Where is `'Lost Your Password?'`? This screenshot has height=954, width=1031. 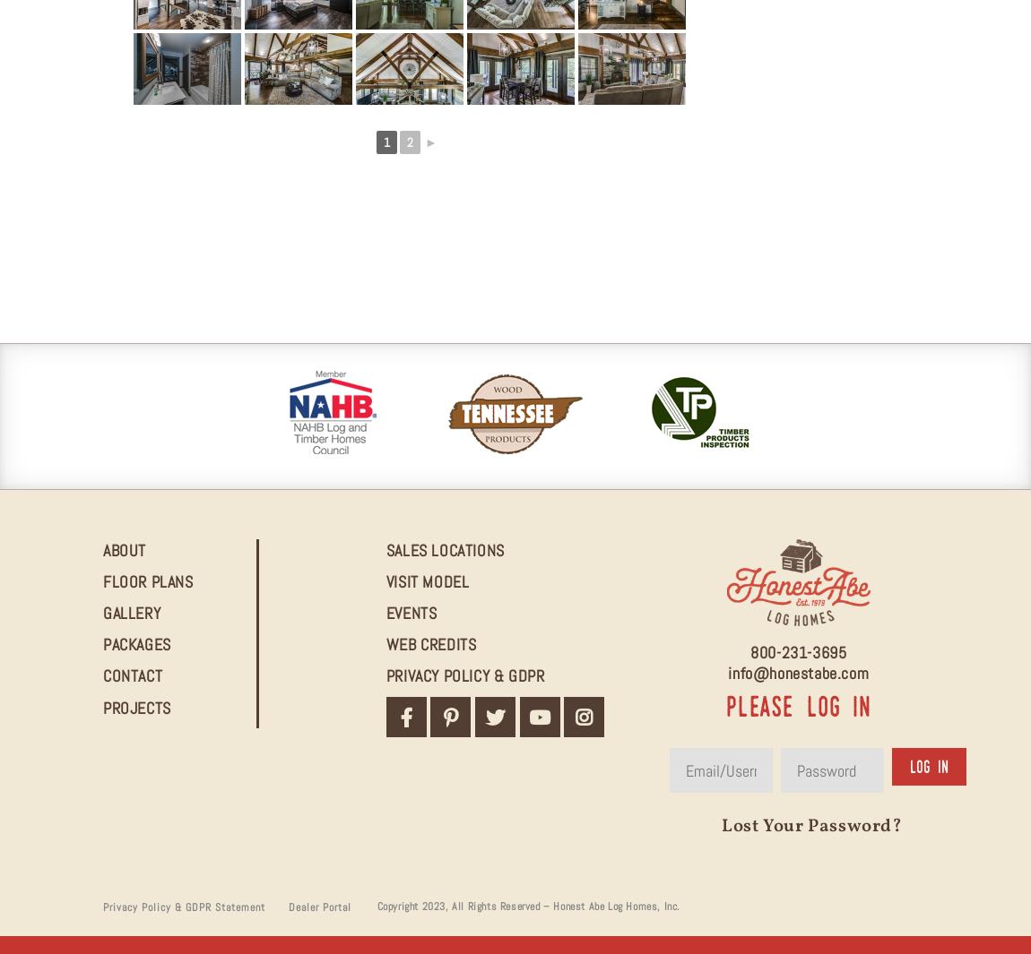 'Lost Your Password?' is located at coordinates (811, 827).